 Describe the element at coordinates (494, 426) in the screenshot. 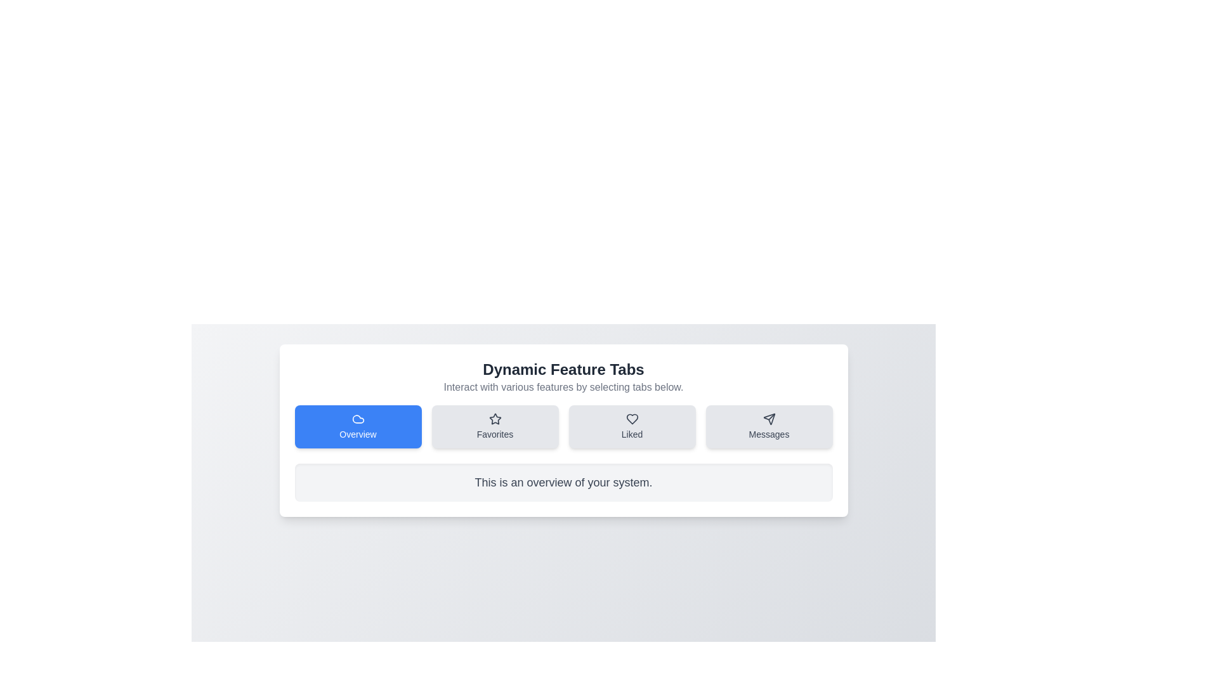

I see `the 'Favorites' button, which is a rectangular button with rounded corners and a star icon above the text, to trigger the hover effect` at that location.